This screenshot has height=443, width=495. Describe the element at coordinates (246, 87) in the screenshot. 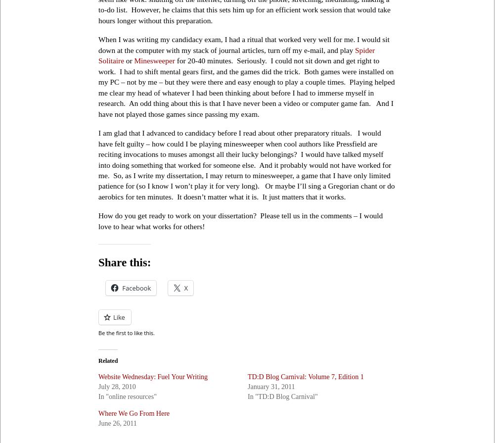

I see `'for 20-40 minutes.  Seriously.  I could not sit down and get right to work.  I had to shift mental gears first, and the games did the trick.  Both games were installed on my PC – not by me – but they were there and easy enough to play a couple times.  Playing helped me clear my head of whatever I had been thinking about before I had to immerse myself in research.  An odd thing about this is that I have never been a video or computer game fan.   And I have not played those games since passing my exam.'` at that location.